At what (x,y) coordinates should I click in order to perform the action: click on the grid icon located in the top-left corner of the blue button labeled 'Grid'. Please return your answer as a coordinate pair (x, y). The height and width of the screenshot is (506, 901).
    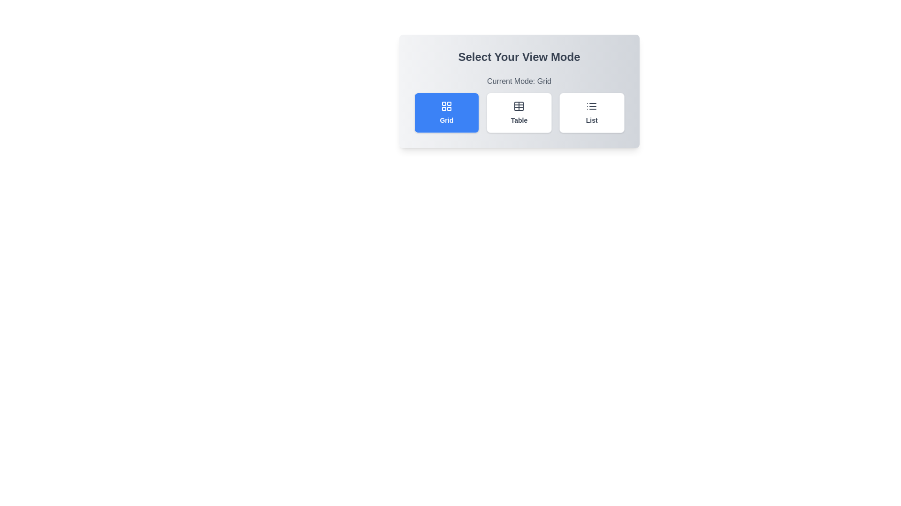
    Looking at the image, I should click on (446, 106).